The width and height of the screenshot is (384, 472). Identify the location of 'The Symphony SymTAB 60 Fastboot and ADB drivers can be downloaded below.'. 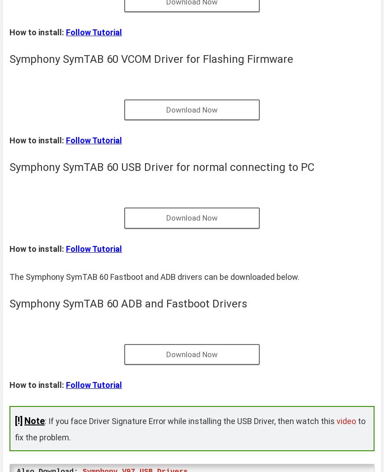
(154, 276).